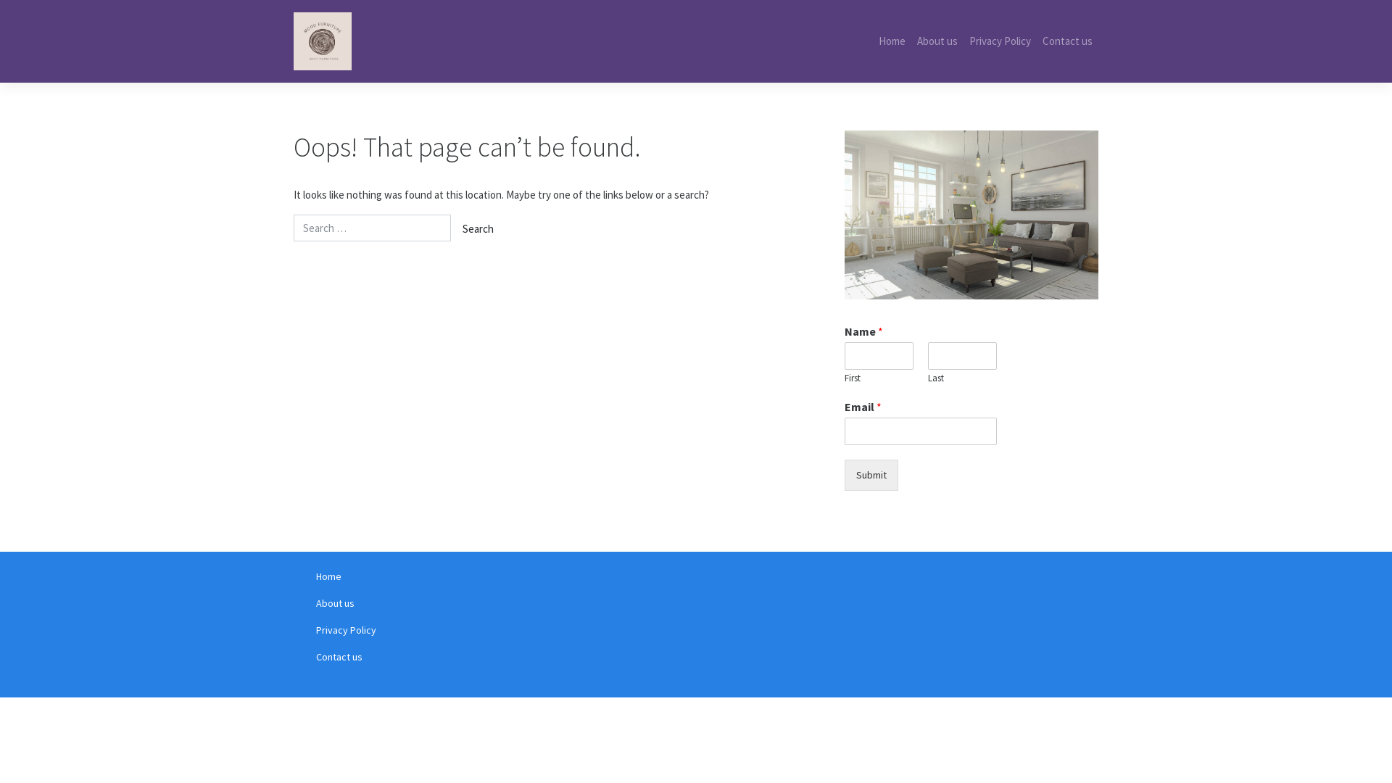 Image resolution: width=1392 pixels, height=783 pixels. What do you see at coordinates (870, 475) in the screenshot?
I see `'Submit'` at bounding box center [870, 475].